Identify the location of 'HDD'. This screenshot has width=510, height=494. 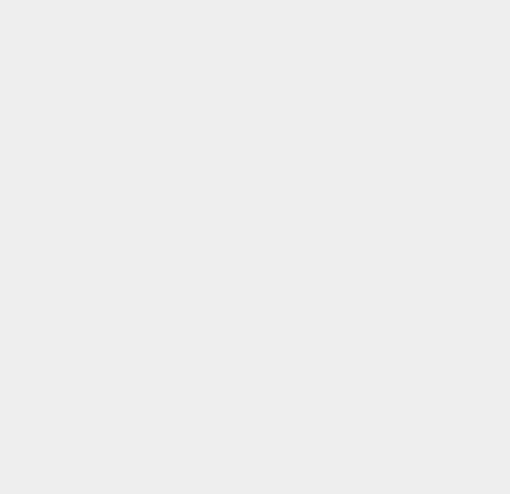
(361, 89).